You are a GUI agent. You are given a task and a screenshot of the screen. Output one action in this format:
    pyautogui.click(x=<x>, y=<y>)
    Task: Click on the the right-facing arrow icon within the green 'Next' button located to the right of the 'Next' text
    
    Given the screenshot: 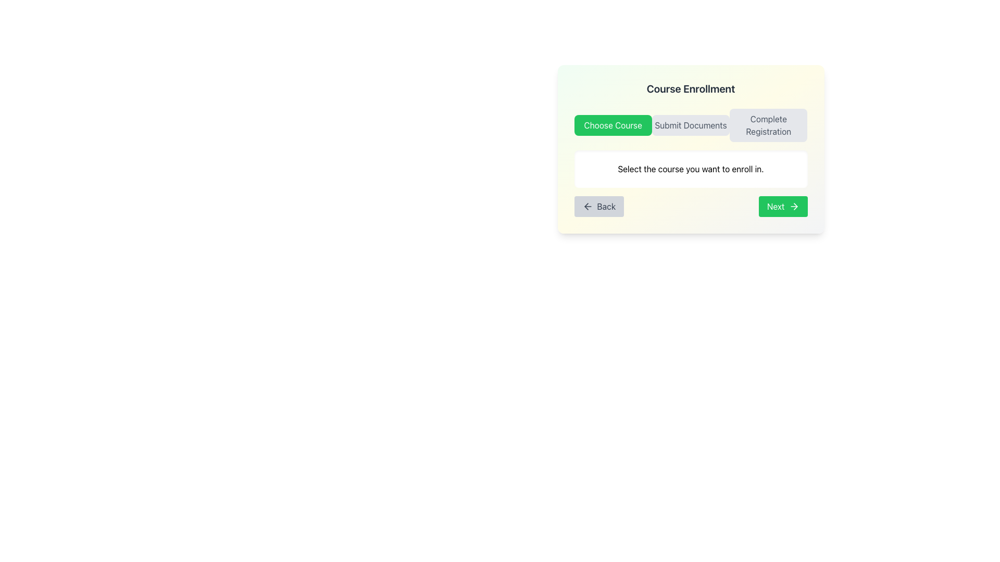 What is the action you would take?
    pyautogui.click(x=793, y=207)
    